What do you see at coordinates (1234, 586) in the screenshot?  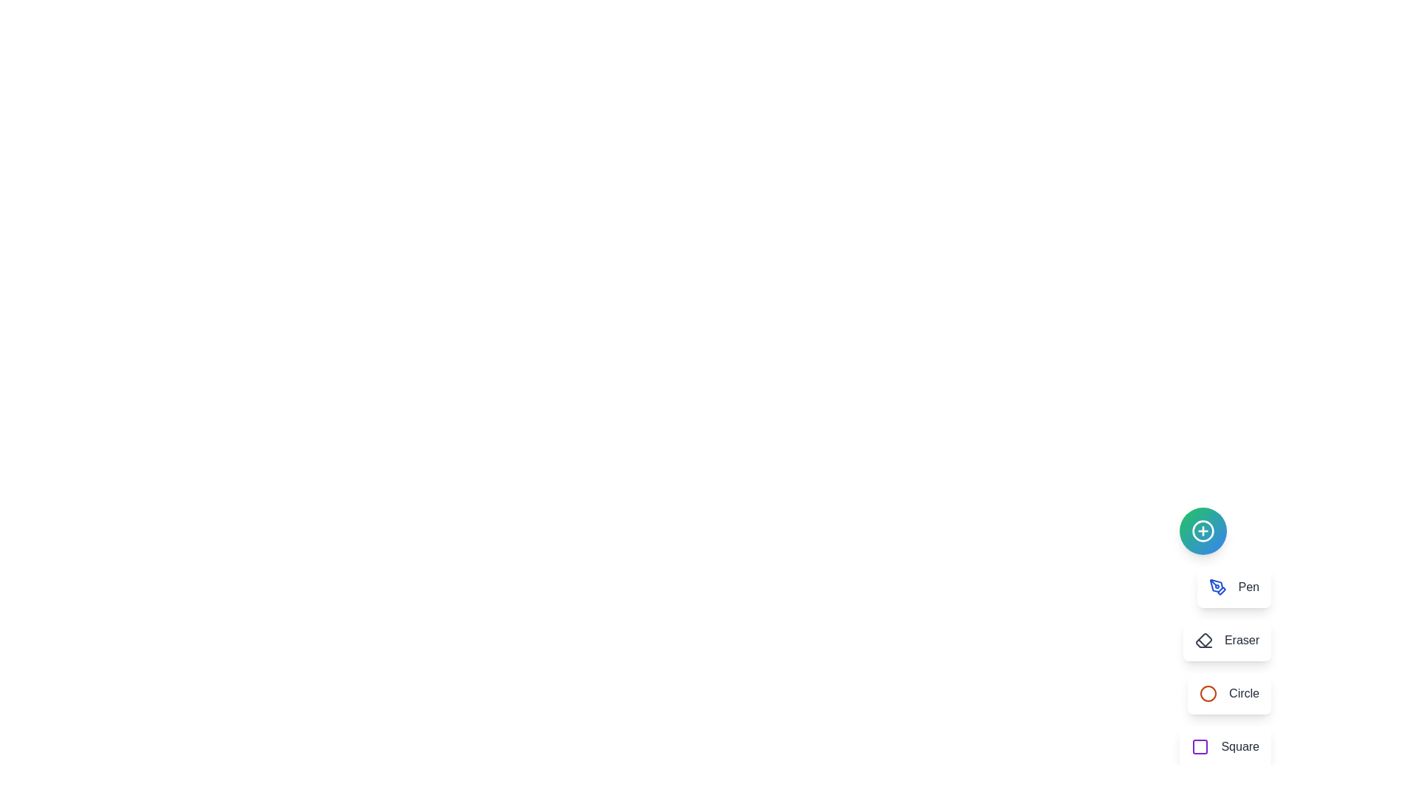 I see `the Pen button to select the corresponding drawing tool` at bounding box center [1234, 586].